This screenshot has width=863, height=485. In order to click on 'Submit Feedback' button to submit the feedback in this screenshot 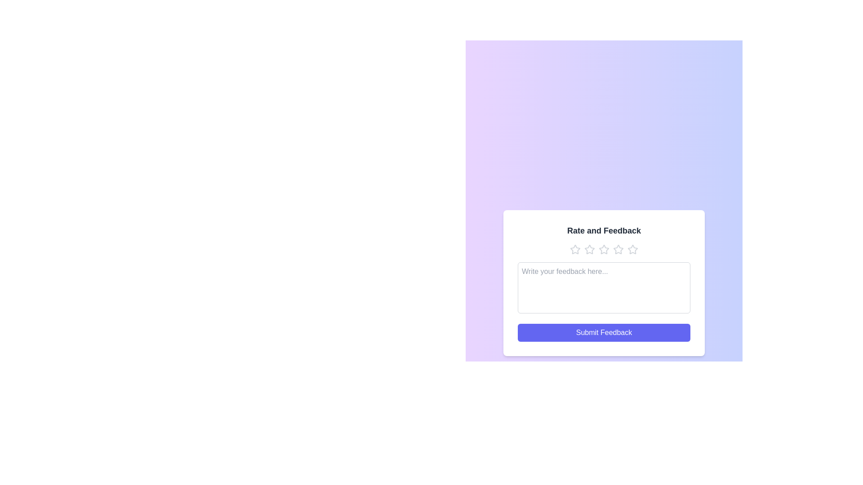, I will do `click(604, 332)`.